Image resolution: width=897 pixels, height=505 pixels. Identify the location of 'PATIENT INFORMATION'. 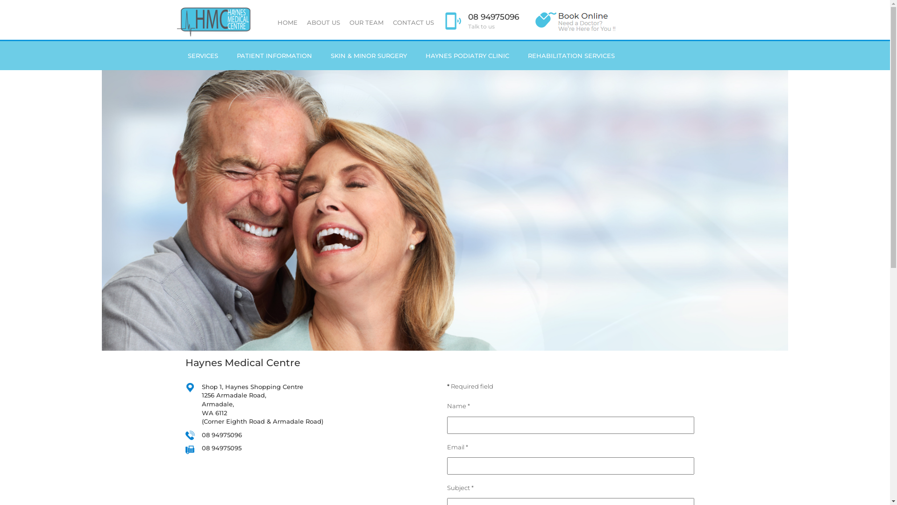
(273, 56).